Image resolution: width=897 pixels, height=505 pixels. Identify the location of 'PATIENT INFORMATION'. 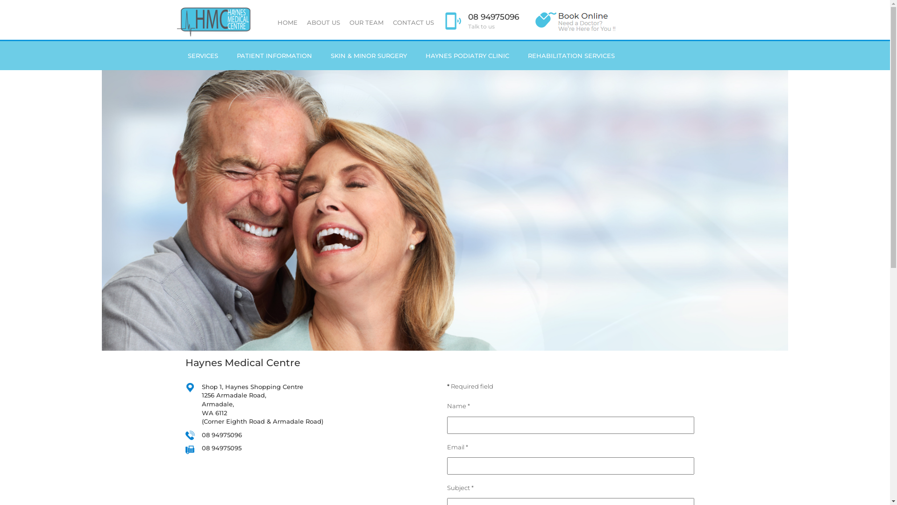
(273, 56).